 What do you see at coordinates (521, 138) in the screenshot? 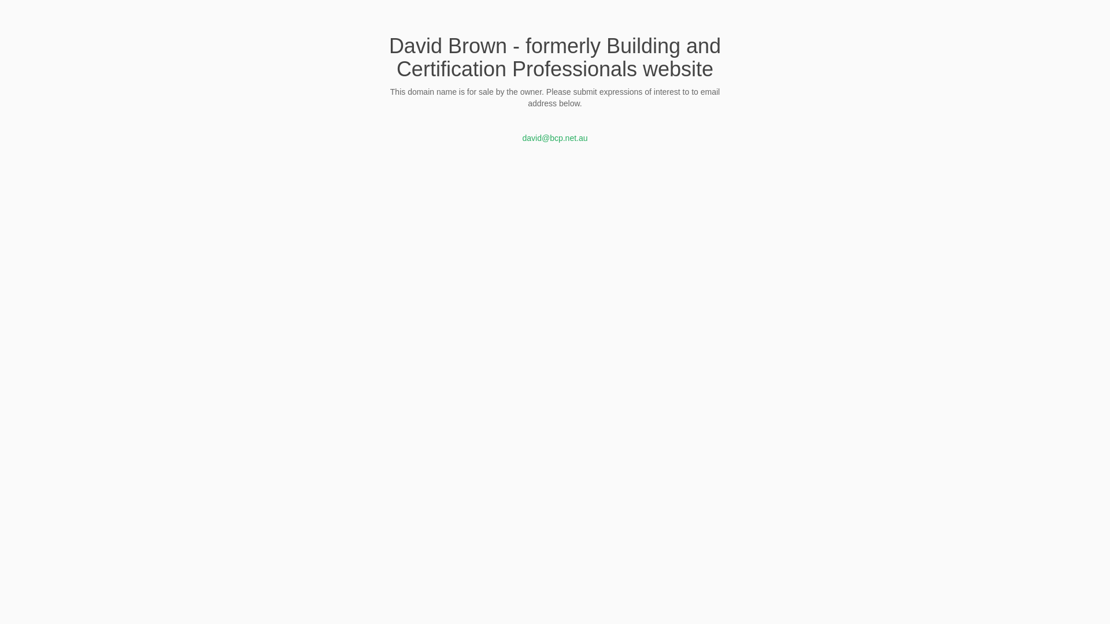
I see `'david@bcp.net.au'` at bounding box center [521, 138].